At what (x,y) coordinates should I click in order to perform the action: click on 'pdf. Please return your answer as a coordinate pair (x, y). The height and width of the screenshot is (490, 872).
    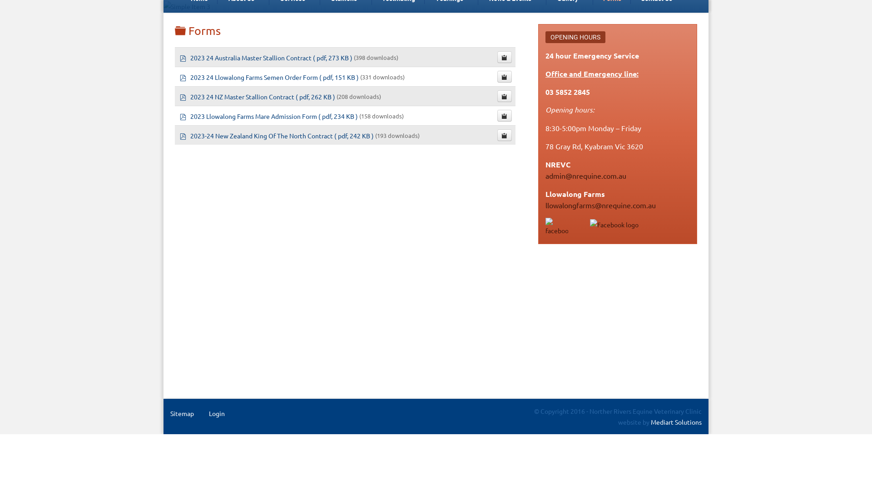
    Looking at the image, I should click on (258, 96).